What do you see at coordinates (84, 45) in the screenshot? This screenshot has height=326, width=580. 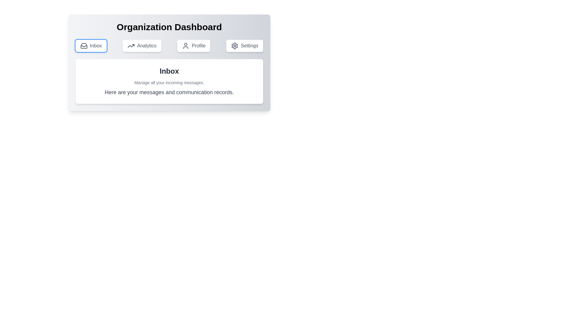 I see `the 'Inbox' graphical icon located in the navigation bar` at bounding box center [84, 45].